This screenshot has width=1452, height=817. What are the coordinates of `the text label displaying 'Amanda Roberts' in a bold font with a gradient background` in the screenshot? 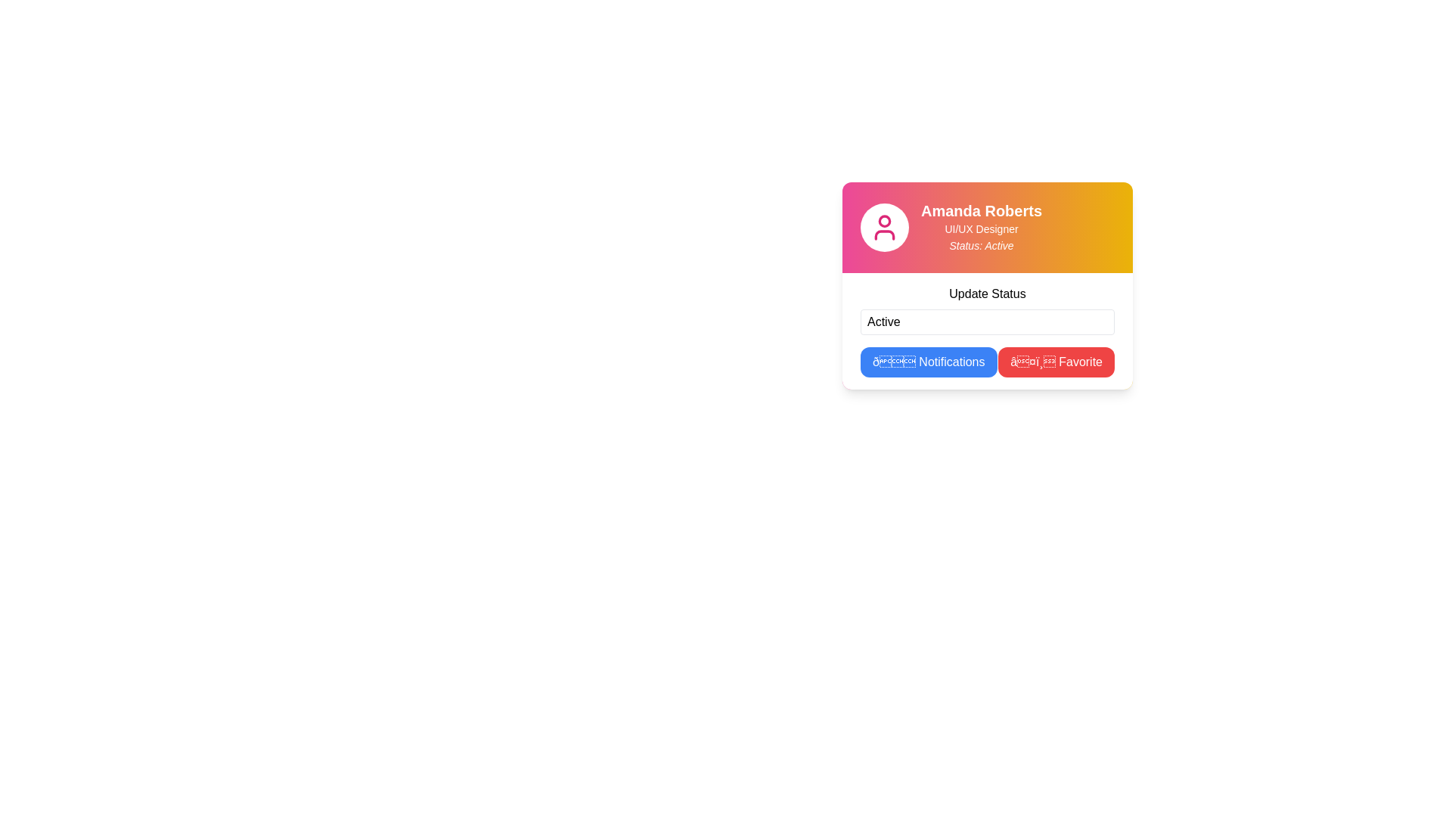 It's located at (982, 210).